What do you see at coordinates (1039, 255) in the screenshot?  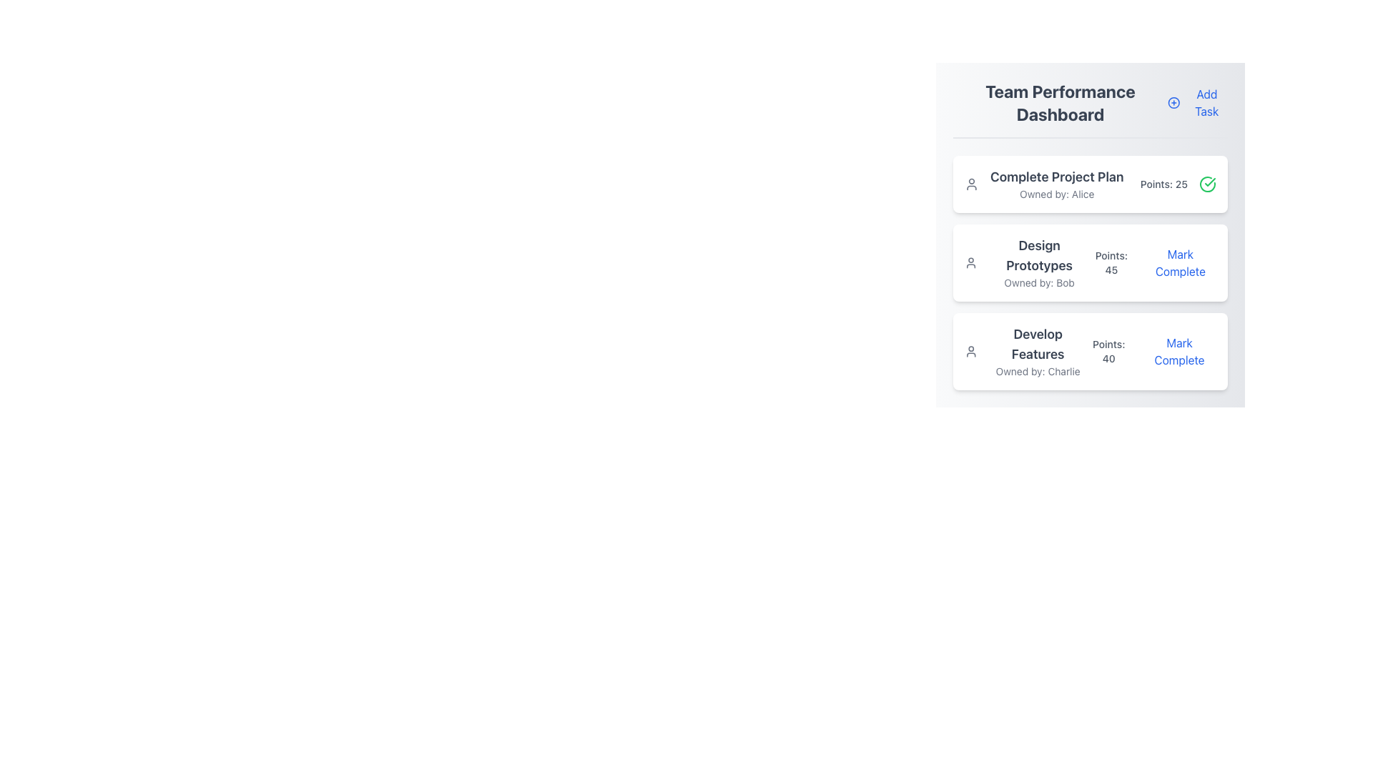 I see `text label 'Design Prototypes' which is centered within the second task card in the 'Team Performance Dashboard'` at bounding box center [1039, 255].